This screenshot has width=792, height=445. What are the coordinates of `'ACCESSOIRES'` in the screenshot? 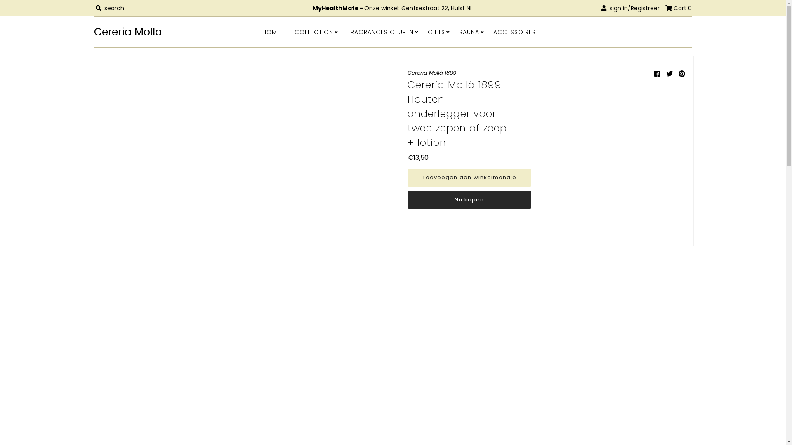 It's located at (514, 31).